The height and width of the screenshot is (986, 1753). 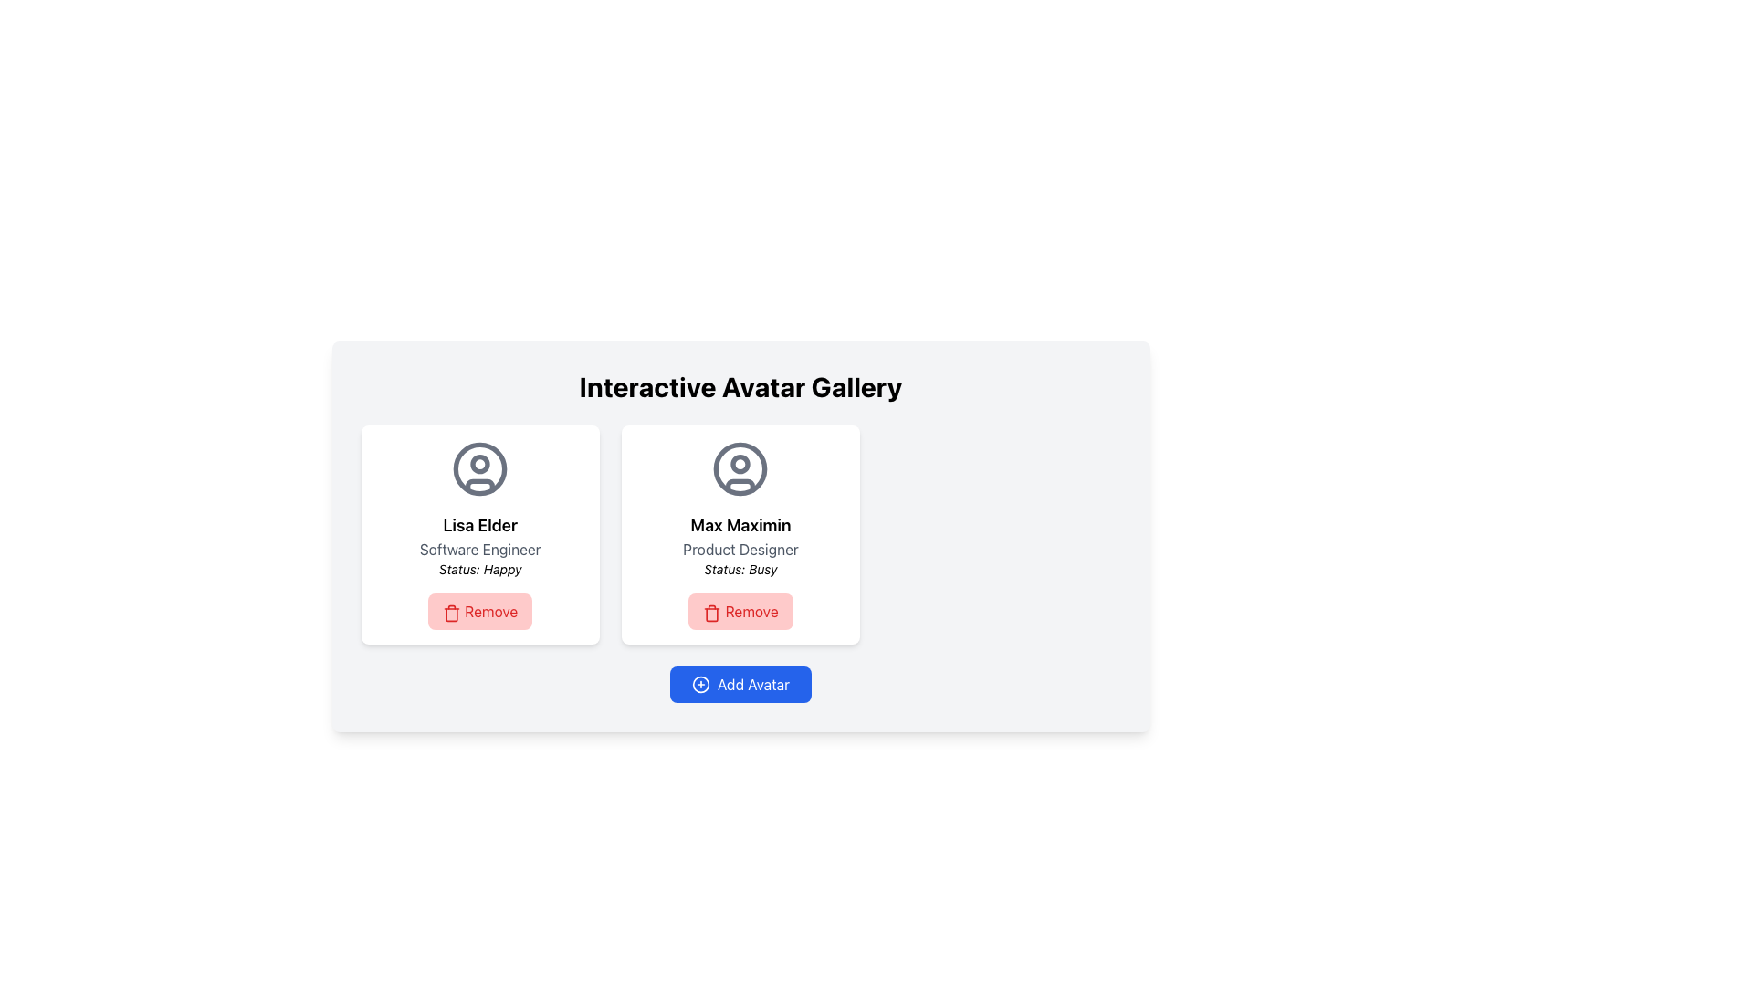 What do you see at coordinates (480, 467) in the screenshot?
I see `the user avatar image representing 'Lisa Elder', which is located at the top of the card and adjacent to the icon for 'Max Maximin'` at bounding box center [480, 467].